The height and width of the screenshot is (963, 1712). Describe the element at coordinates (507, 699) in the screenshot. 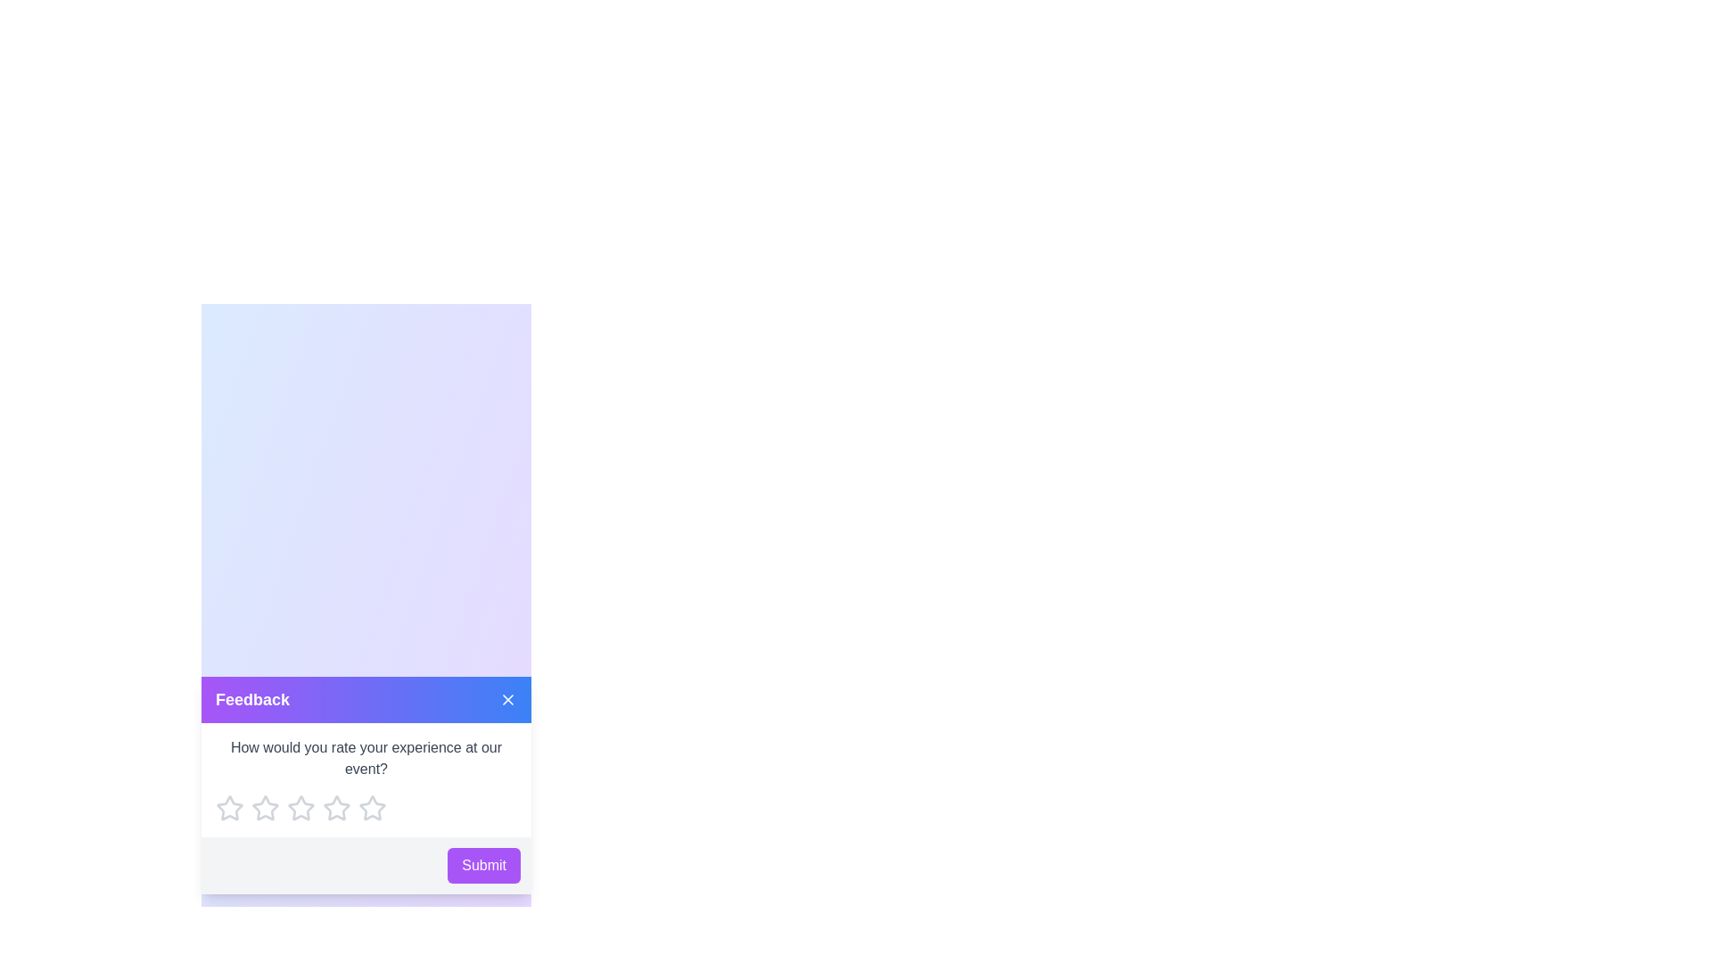

I see `the small 'X' icon with a gradient background in the top-right corner of the 'Feedback' banner` at that location.